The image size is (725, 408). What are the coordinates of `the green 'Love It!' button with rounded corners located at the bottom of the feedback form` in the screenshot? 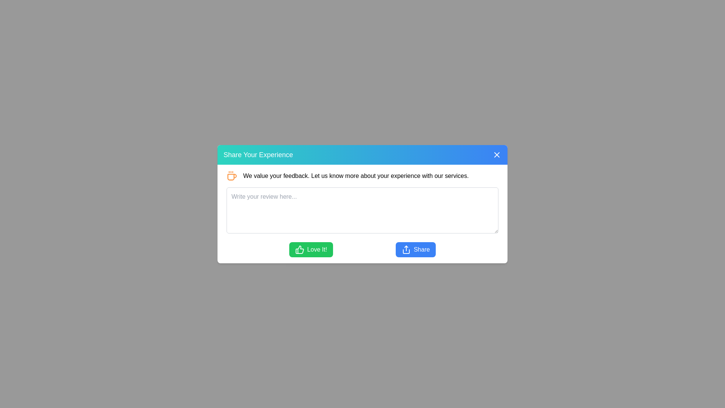 It's located at (311, 249).